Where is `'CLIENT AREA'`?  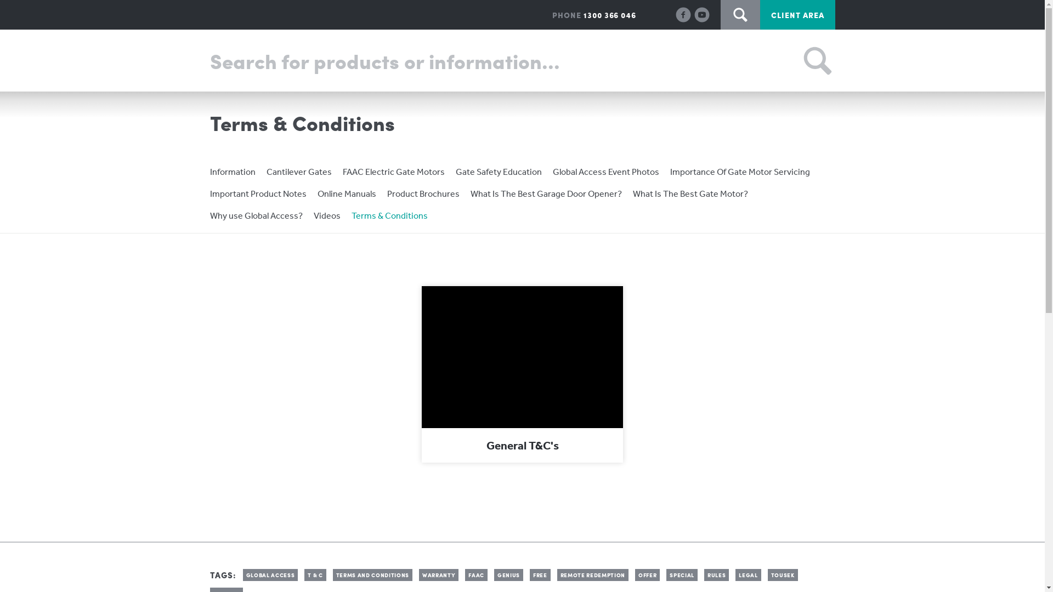 'CLIENT AREA' is located at coordinates (797, 15).